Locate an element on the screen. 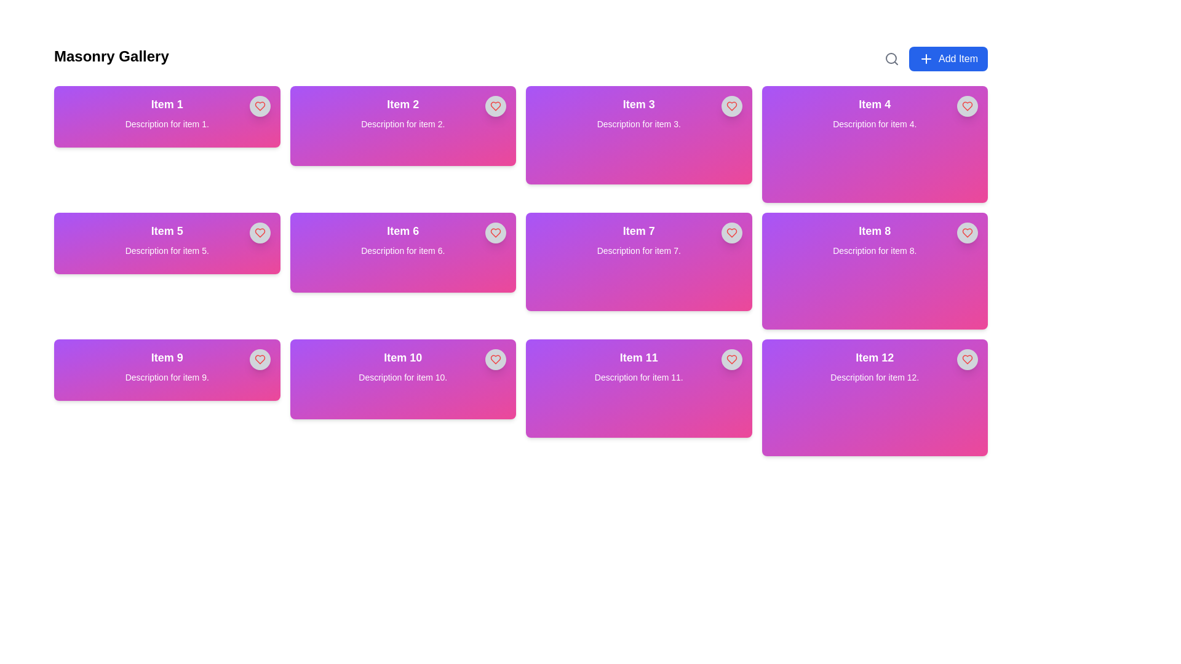 The width and height of the screenshot is (1181, 664). the text label providing descriptive information for 'Item 10', located directly below the title in the third row, second column of the card is located at coordinates (403, 376).